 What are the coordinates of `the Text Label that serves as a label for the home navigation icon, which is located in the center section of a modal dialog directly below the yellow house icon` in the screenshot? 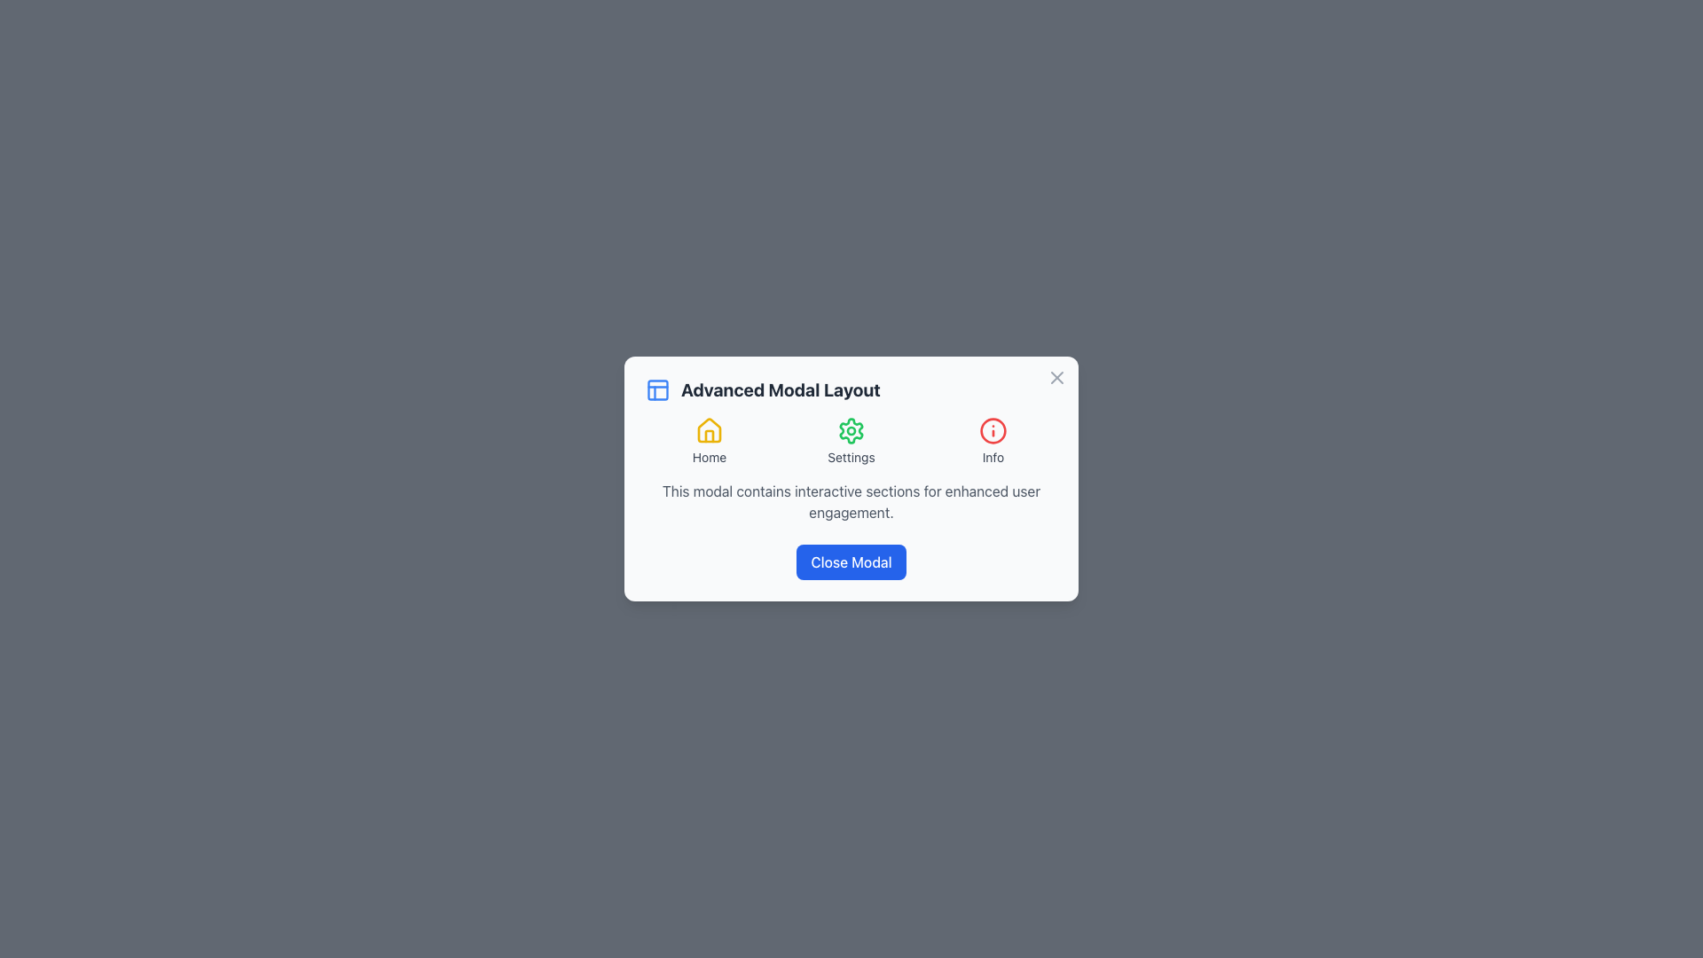 It's located at (710, 457).